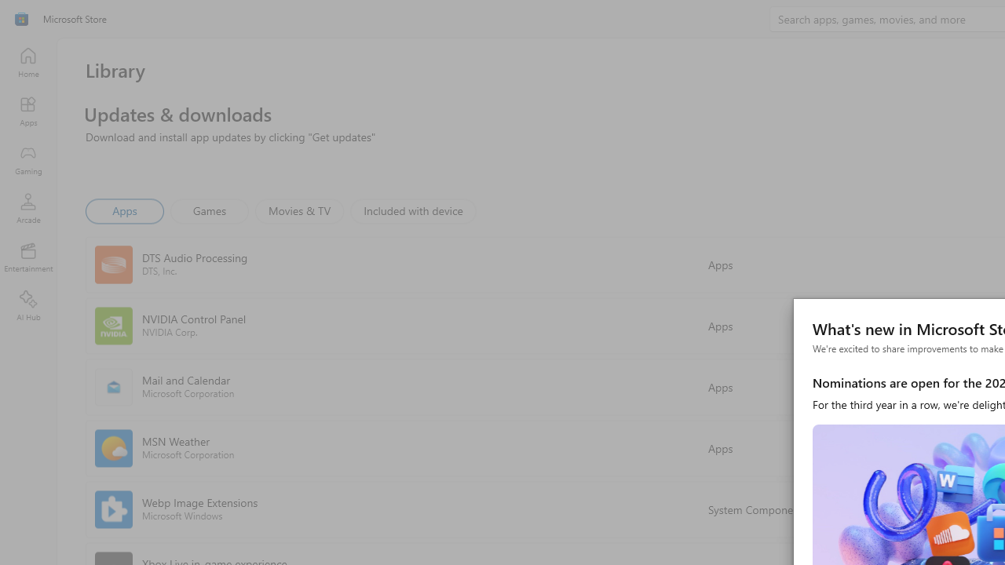 The height and width of the screenshot is (565, 1005). What do you see at coordinates (299, 210) in the screenshot?
I see `'Movies & TV'` at bounding box center [299, 210].